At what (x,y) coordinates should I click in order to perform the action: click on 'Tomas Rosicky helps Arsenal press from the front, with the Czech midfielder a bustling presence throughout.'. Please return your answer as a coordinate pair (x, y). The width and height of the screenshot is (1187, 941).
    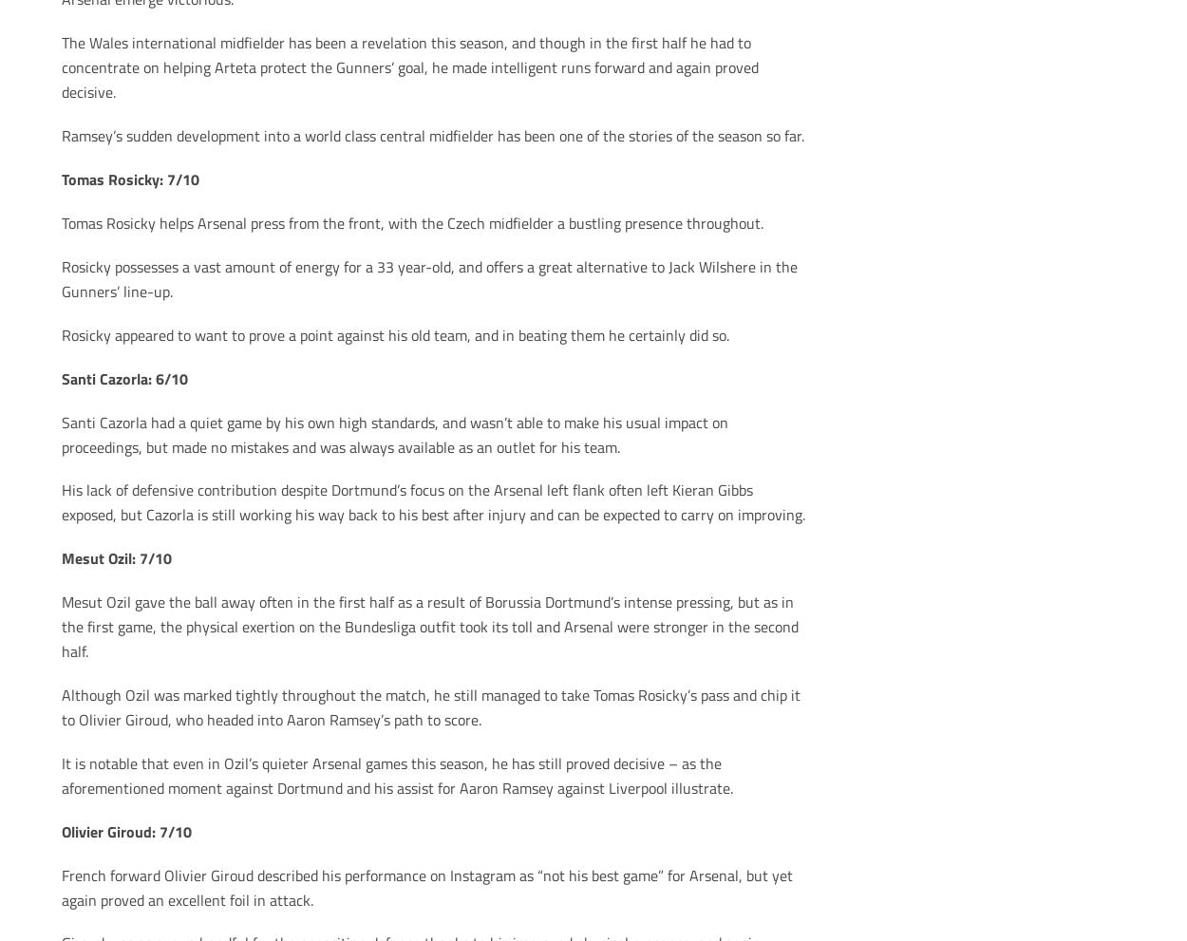
    Looking at the image, I should click on (411, 222).